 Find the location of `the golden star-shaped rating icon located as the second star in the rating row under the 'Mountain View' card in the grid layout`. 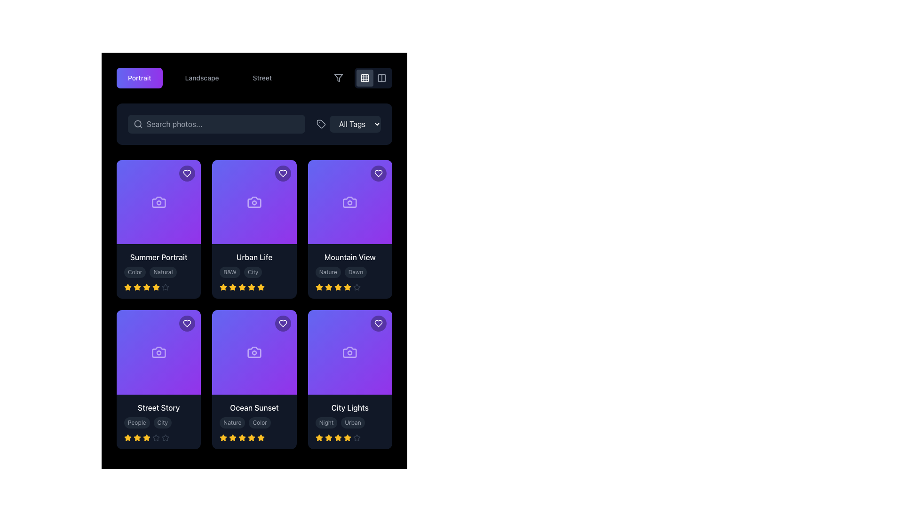

the golden star-shaped rating icon located as the second star in the rating row under the 'Mountain View' card in the grid layout is located at coordinates (338, 287).